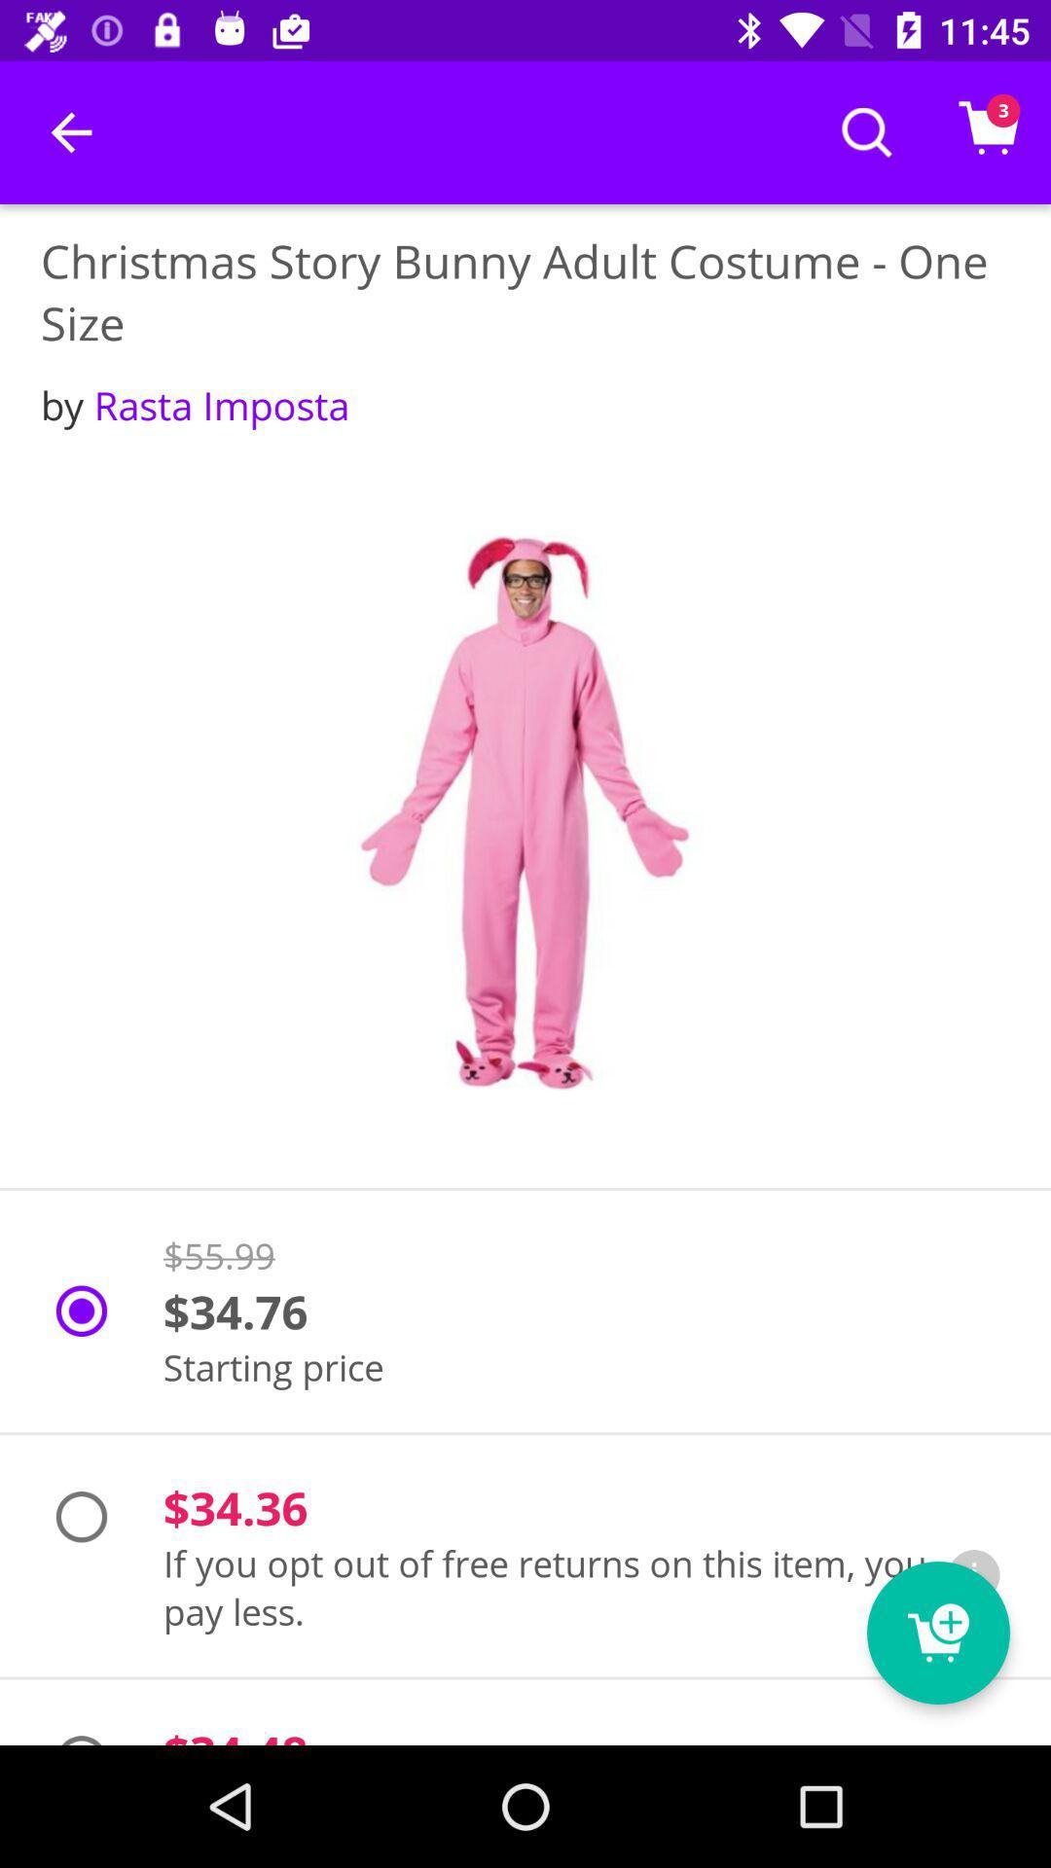 This screenshot has width=1051, height=1868. Describe the element at coordinates (195, 404) in the screenshot. I see `the by rasta imposta item` at that location.